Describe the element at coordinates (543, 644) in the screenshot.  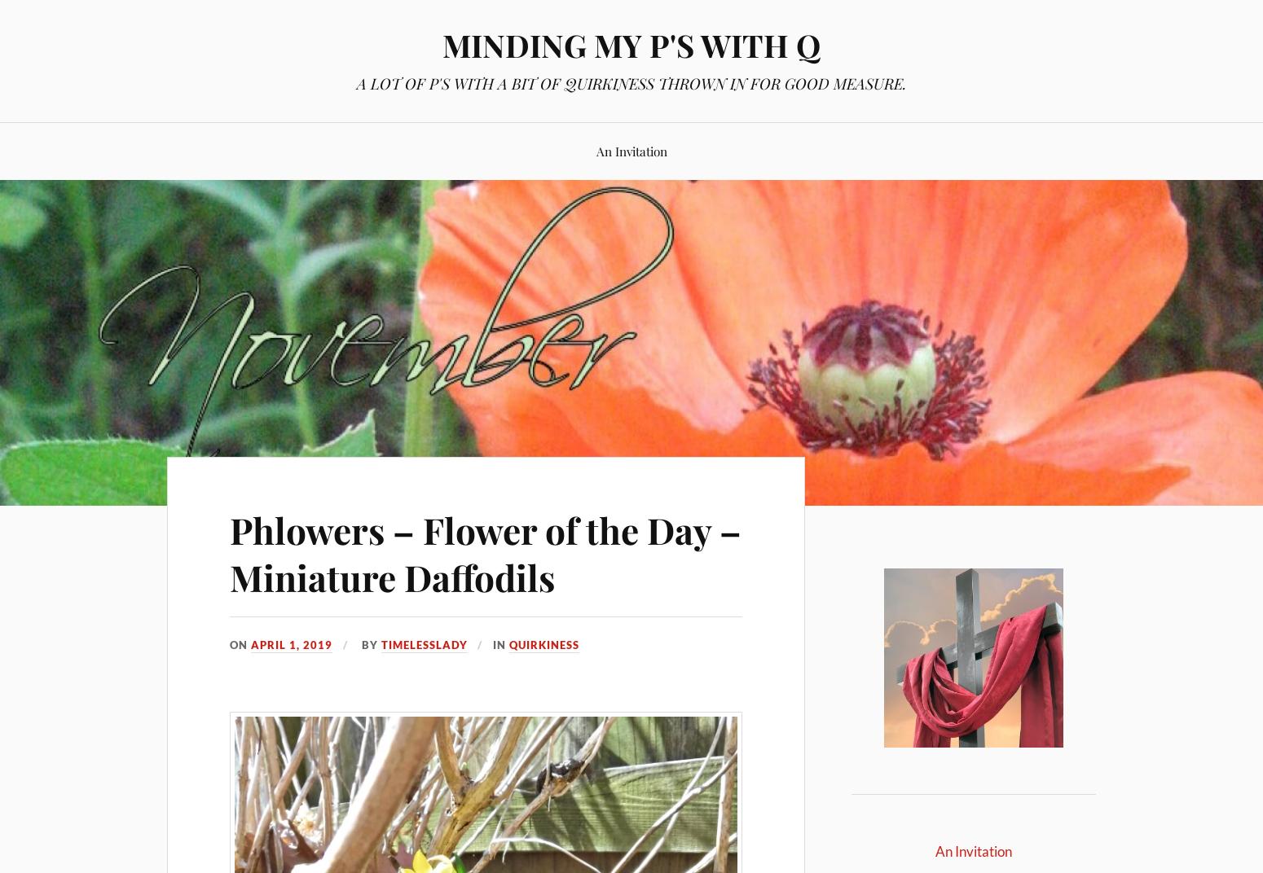
I see `'Quirkiness'` at that location.